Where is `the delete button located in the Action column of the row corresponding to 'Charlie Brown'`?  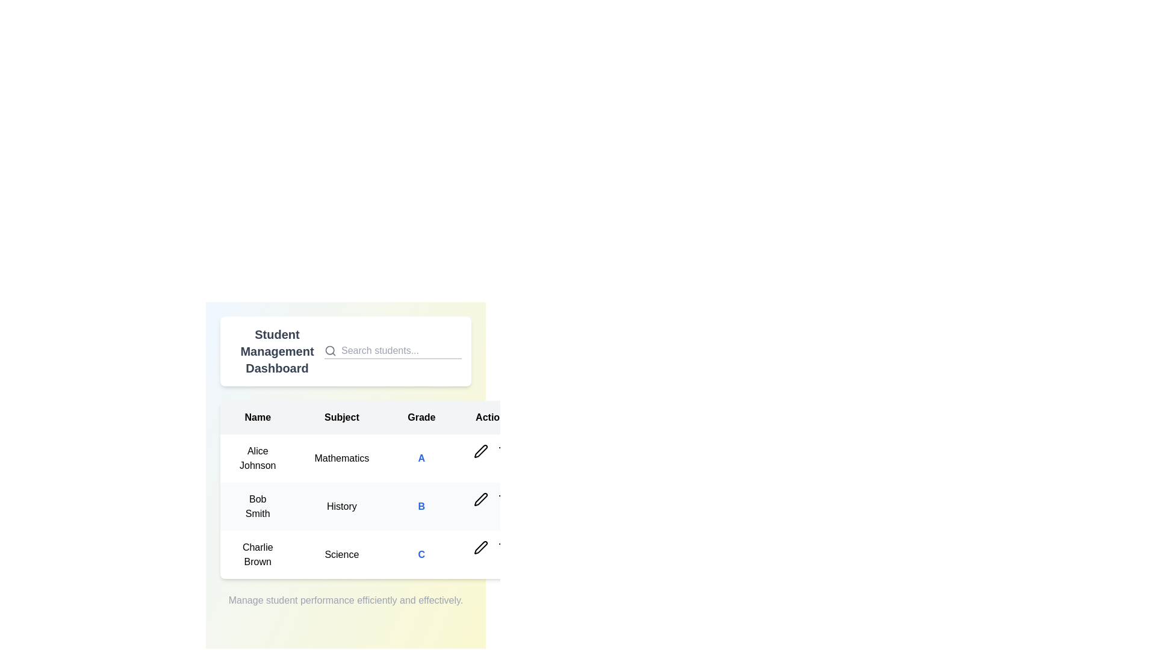
the delete button located in the Action column of the row corresponding to 'Charlie Brown' is located at coordinates (505, 548).